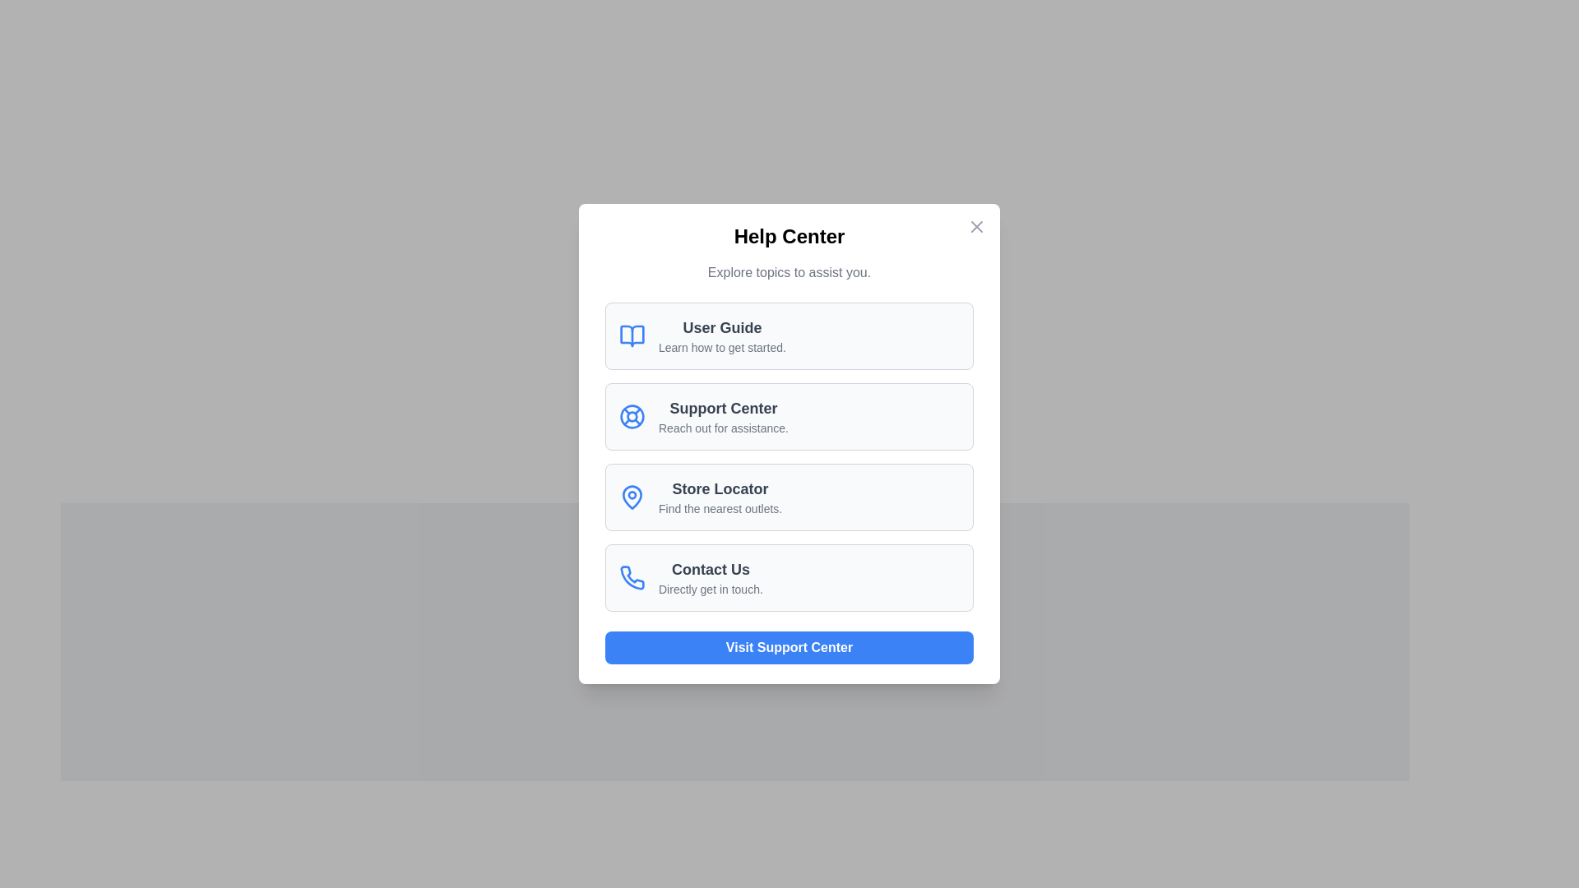 The image size is (1579, 888). What do you see at coordinates (977, 227) in the screenshot?
I see `the close icon button located in the top-right corner of the 'Help Center' dialog box` at bounding box center [977, 227].